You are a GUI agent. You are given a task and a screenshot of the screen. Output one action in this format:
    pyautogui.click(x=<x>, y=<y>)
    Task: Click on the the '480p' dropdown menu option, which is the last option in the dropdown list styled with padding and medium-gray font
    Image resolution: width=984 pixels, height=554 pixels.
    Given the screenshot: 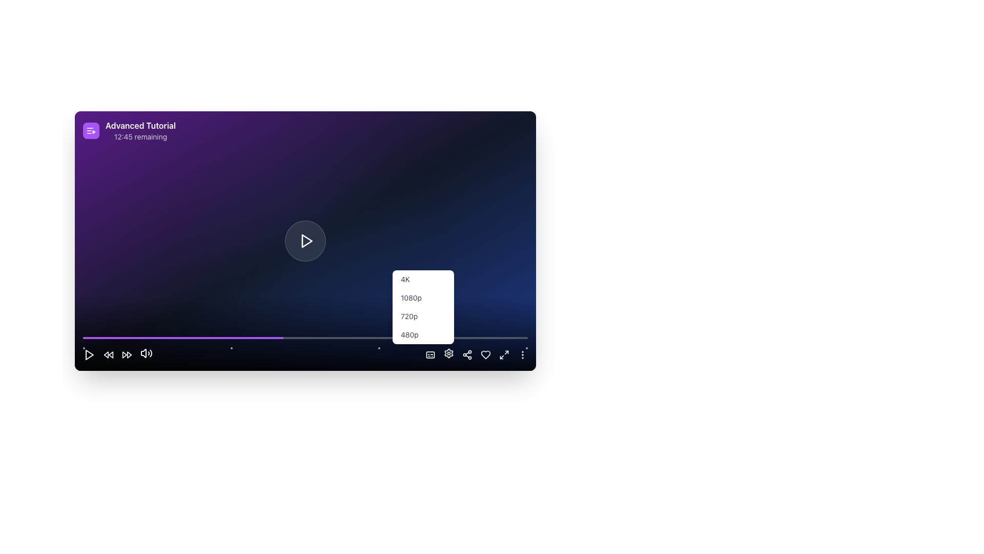 What is the action you would take?
    pyautogui.click(x=423, y=334)
    